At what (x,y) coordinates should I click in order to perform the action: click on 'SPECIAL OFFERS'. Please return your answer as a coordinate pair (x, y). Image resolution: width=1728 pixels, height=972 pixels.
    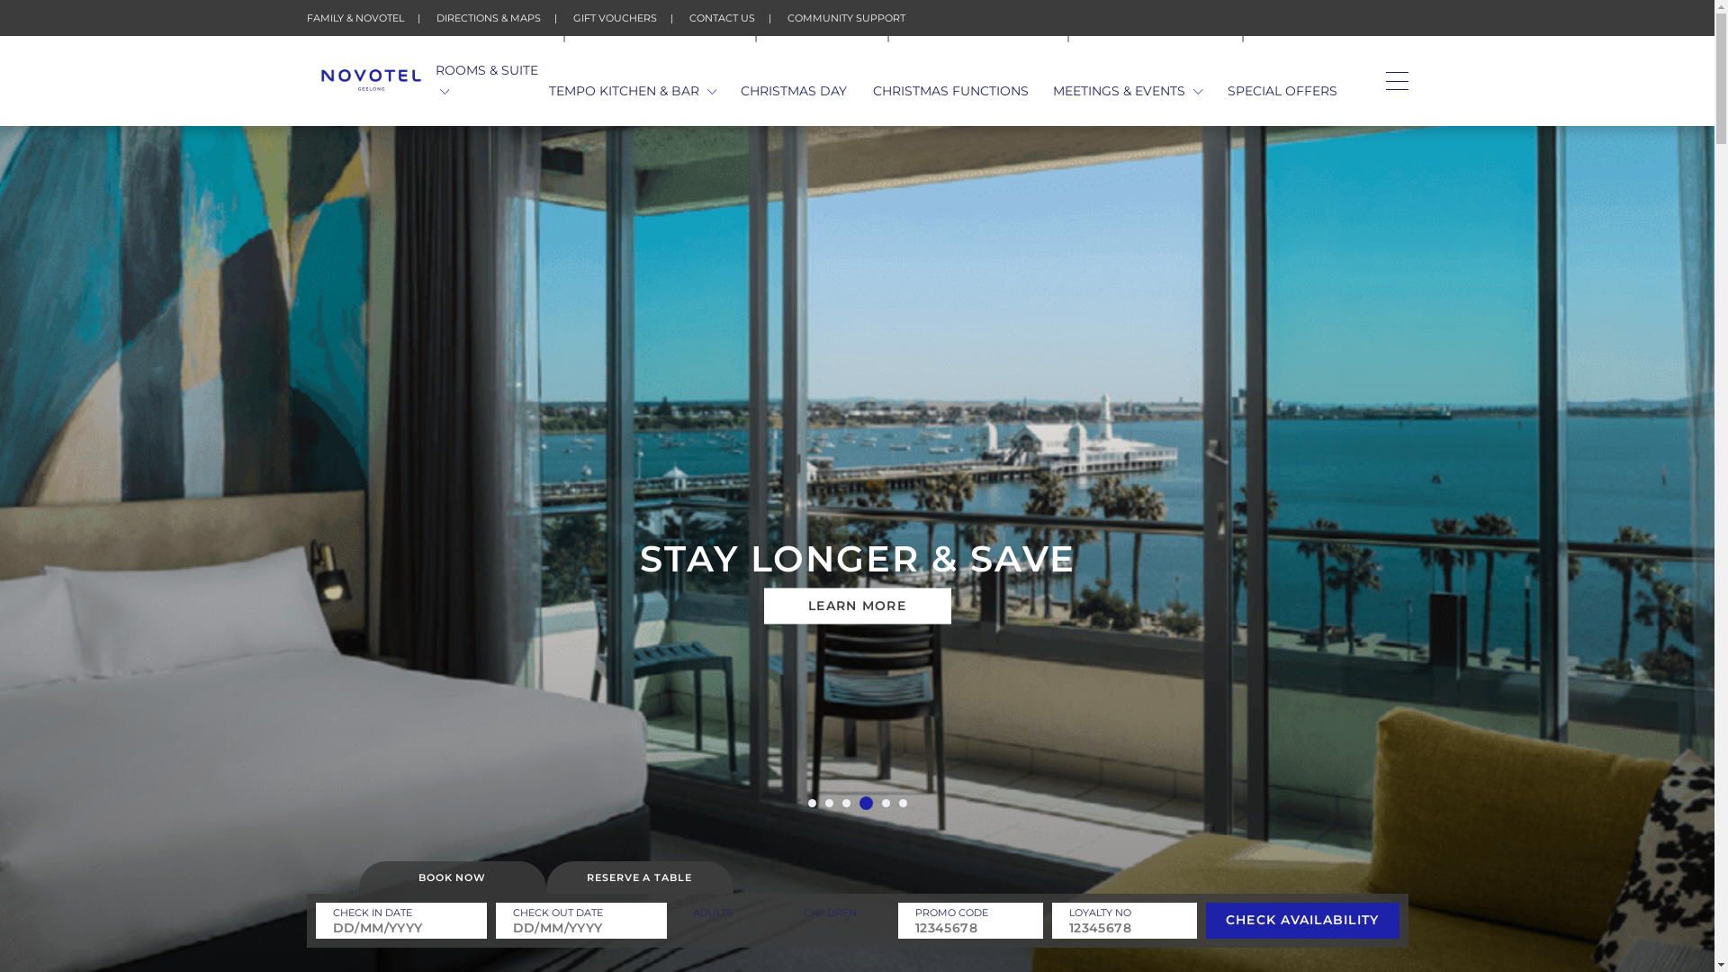
    Looking at the image, I should click on (1282, 91).